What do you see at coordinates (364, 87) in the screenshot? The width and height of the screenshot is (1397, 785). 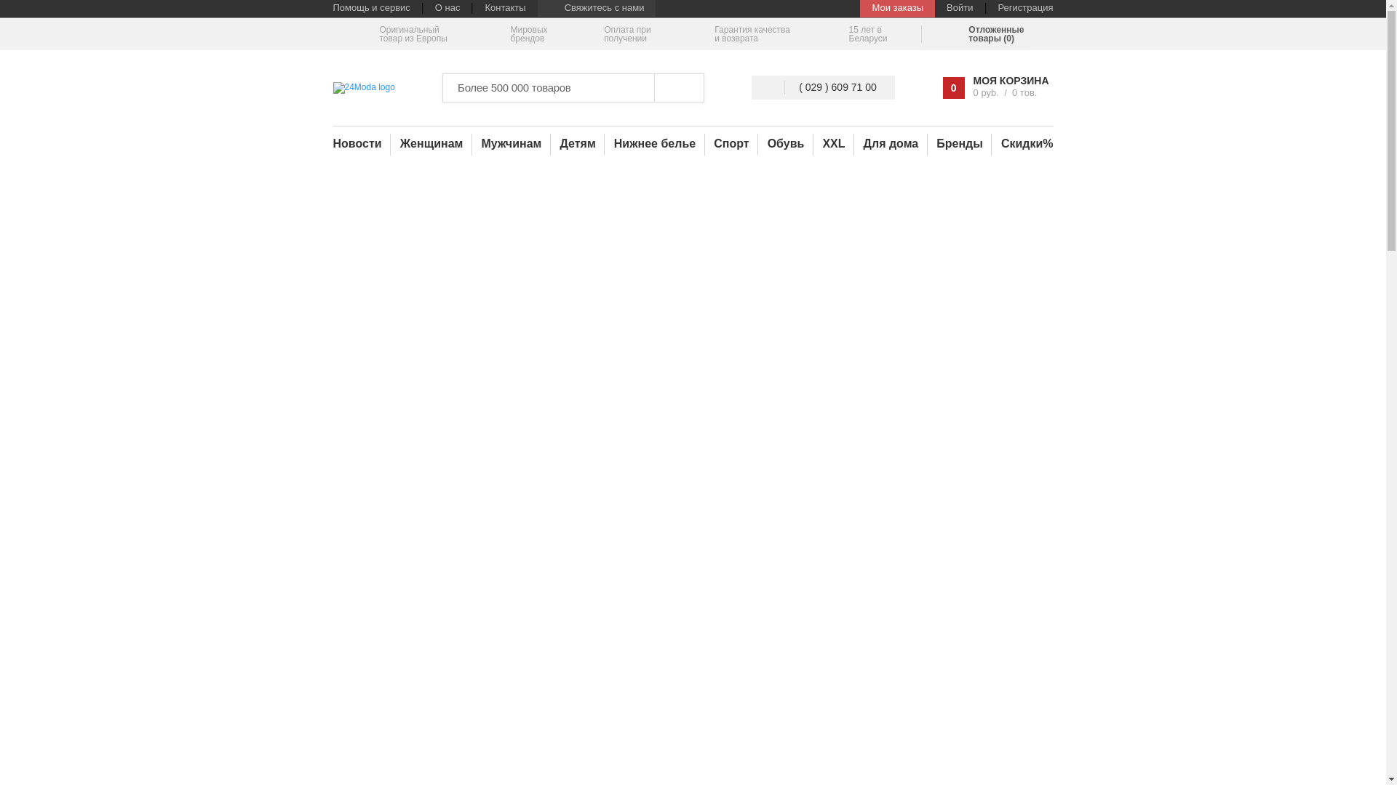 I see `'Moda24 logo'` at bounding box center [364, 87].